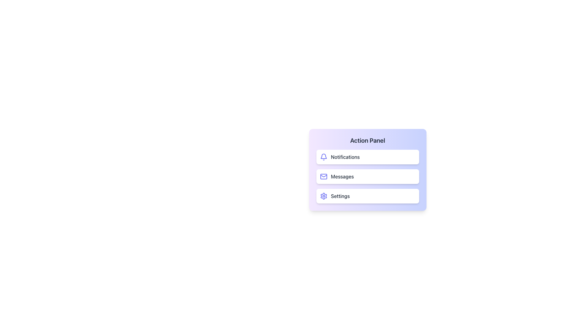 Image resolution: width=587 pixels, height=330 pixels. What do you see at coordinates (323, 196) in the screenshot?
I see `the gear icon located in the third row of the vertical list within the 'Action Panel' section, which is associated with the 'Settings' label` at bounding box center [323, 196].